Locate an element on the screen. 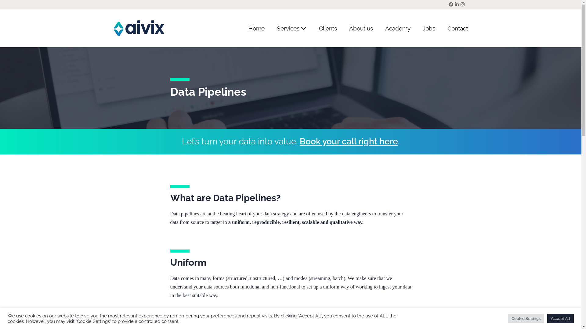  'Services' is located at coordinates (291, 28).